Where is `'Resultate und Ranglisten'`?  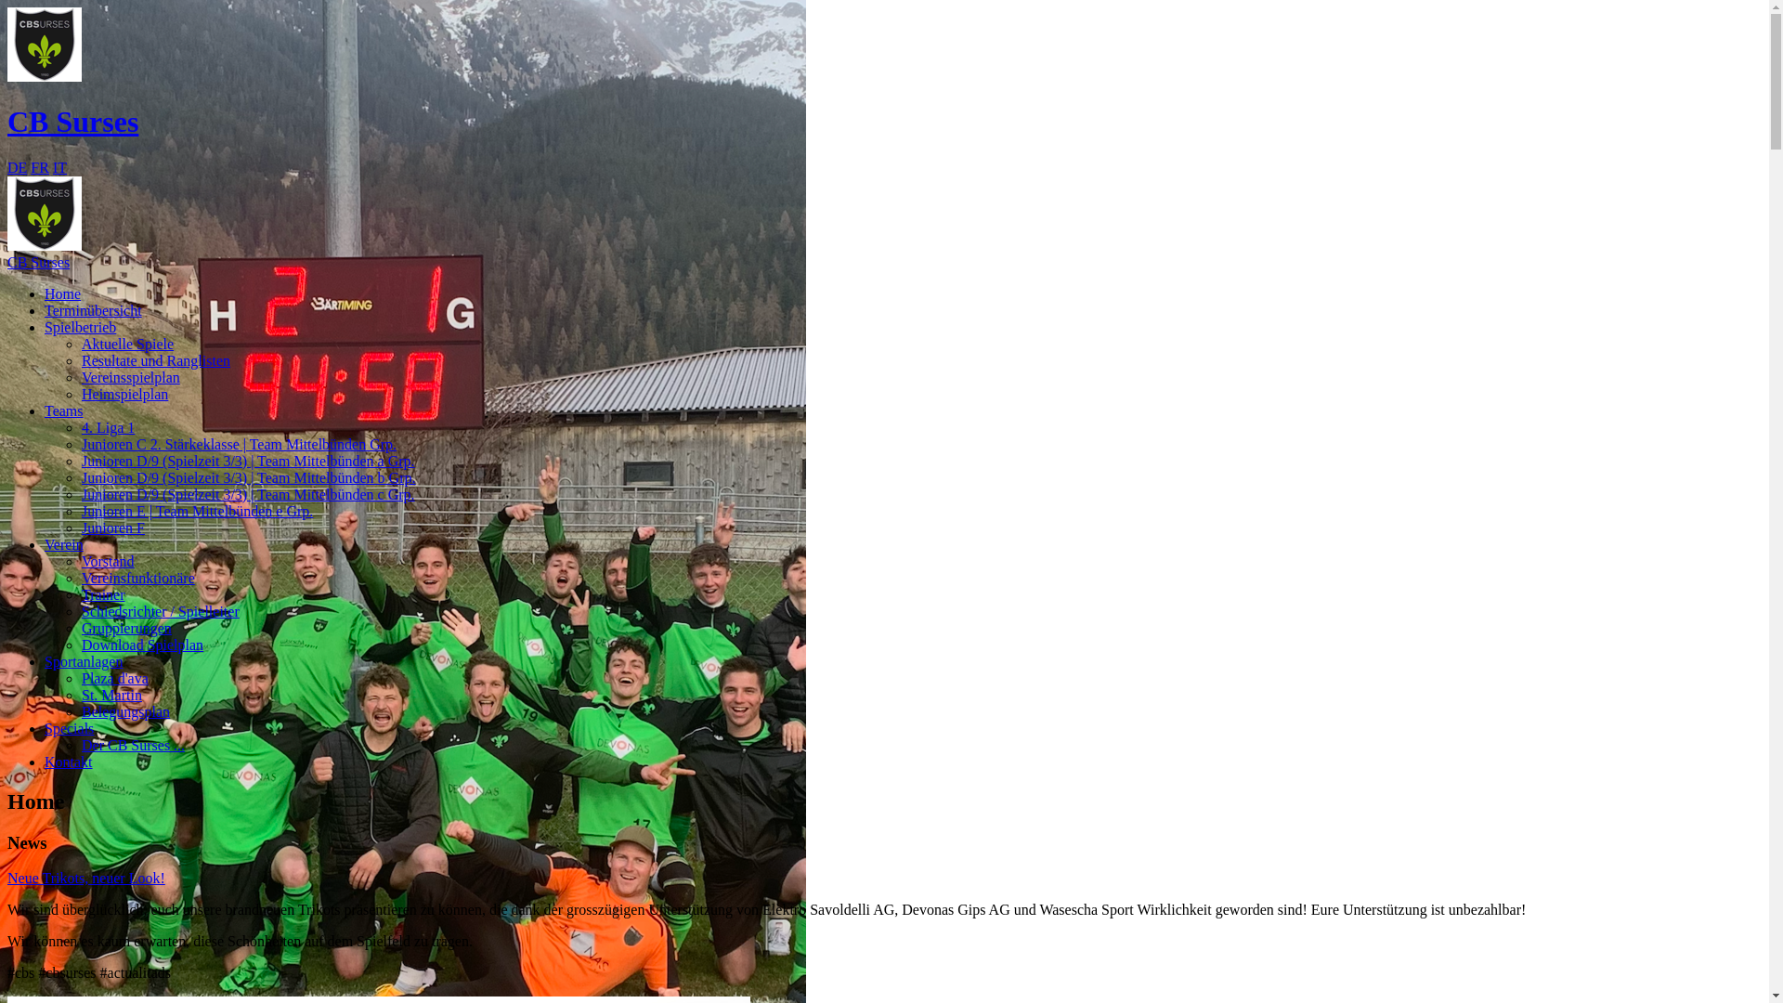 'Resultate und Ranglisten' is located at coordinates (156, 360).